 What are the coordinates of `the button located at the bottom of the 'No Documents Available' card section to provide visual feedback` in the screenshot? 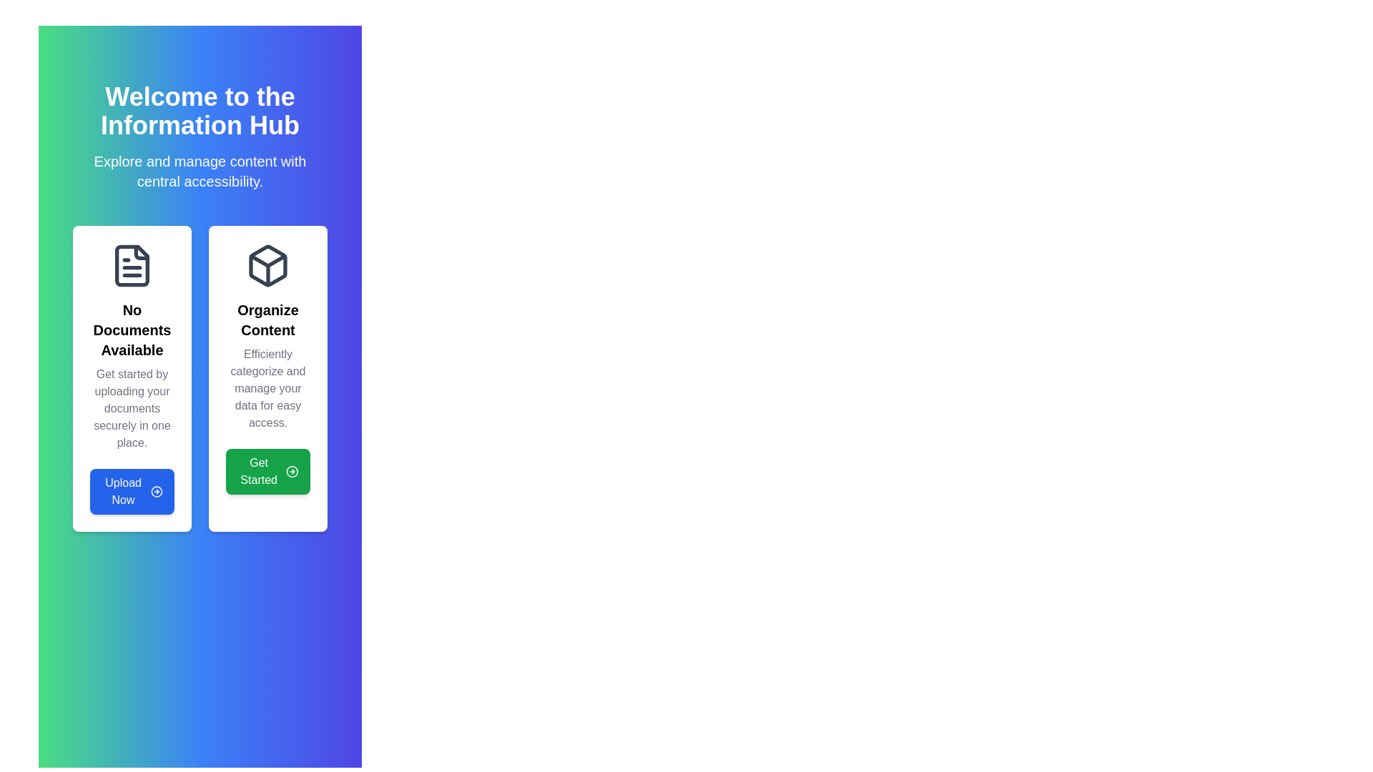 It's located at (132, 490).